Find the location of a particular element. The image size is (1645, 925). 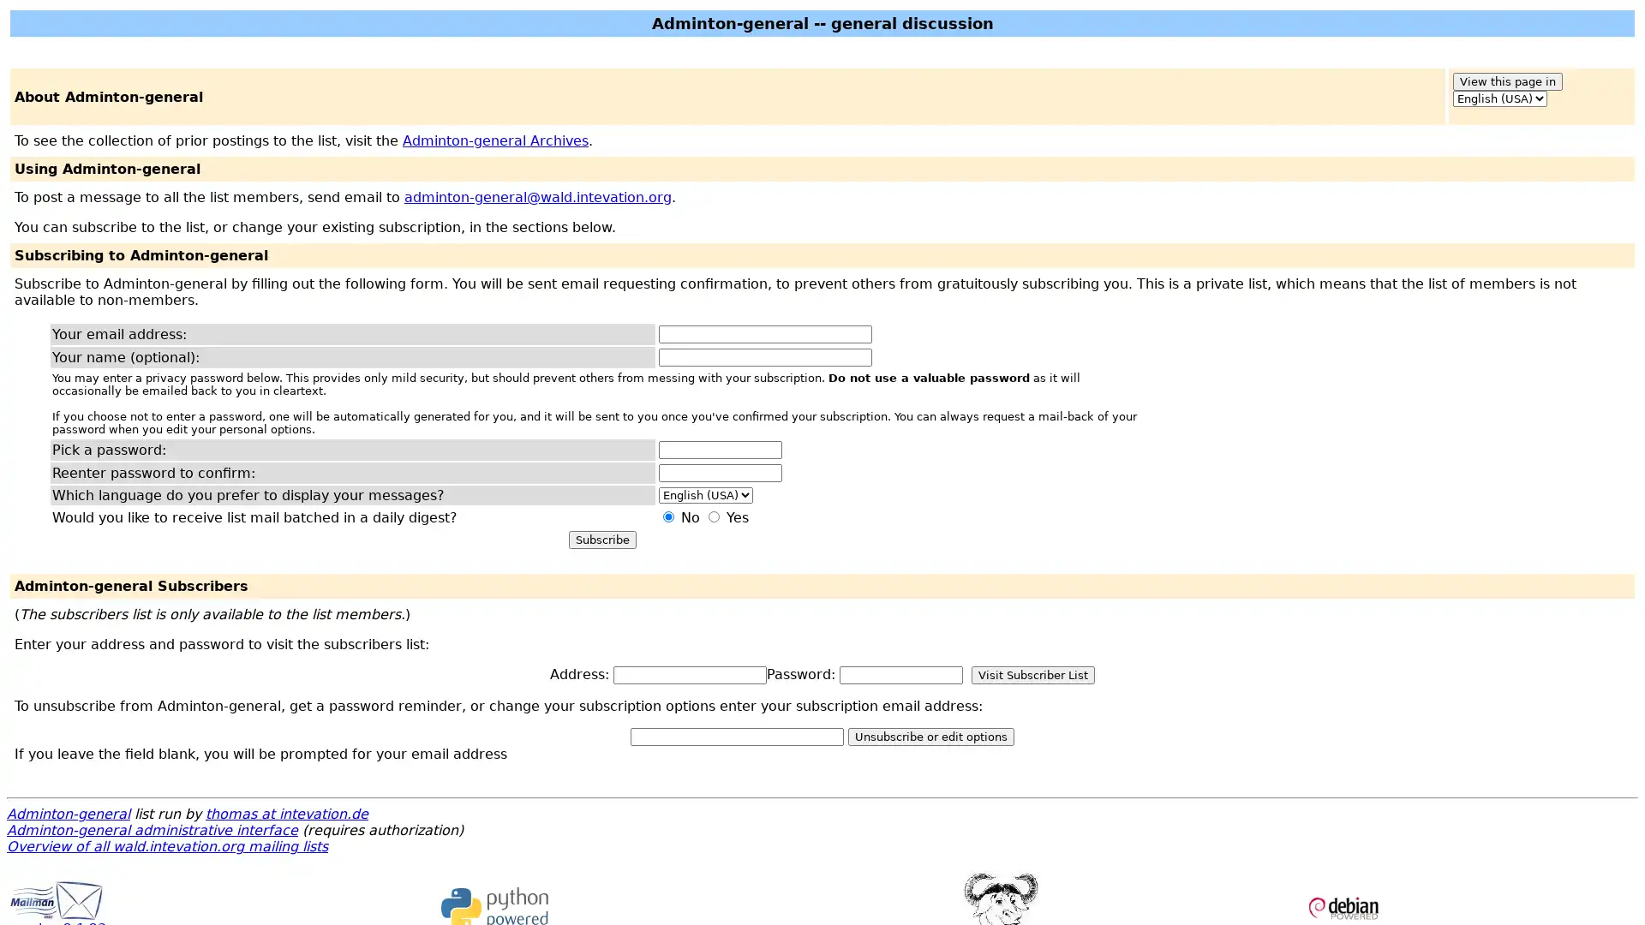

Unsubscribe or edit options is located at coordinates (930, 736).